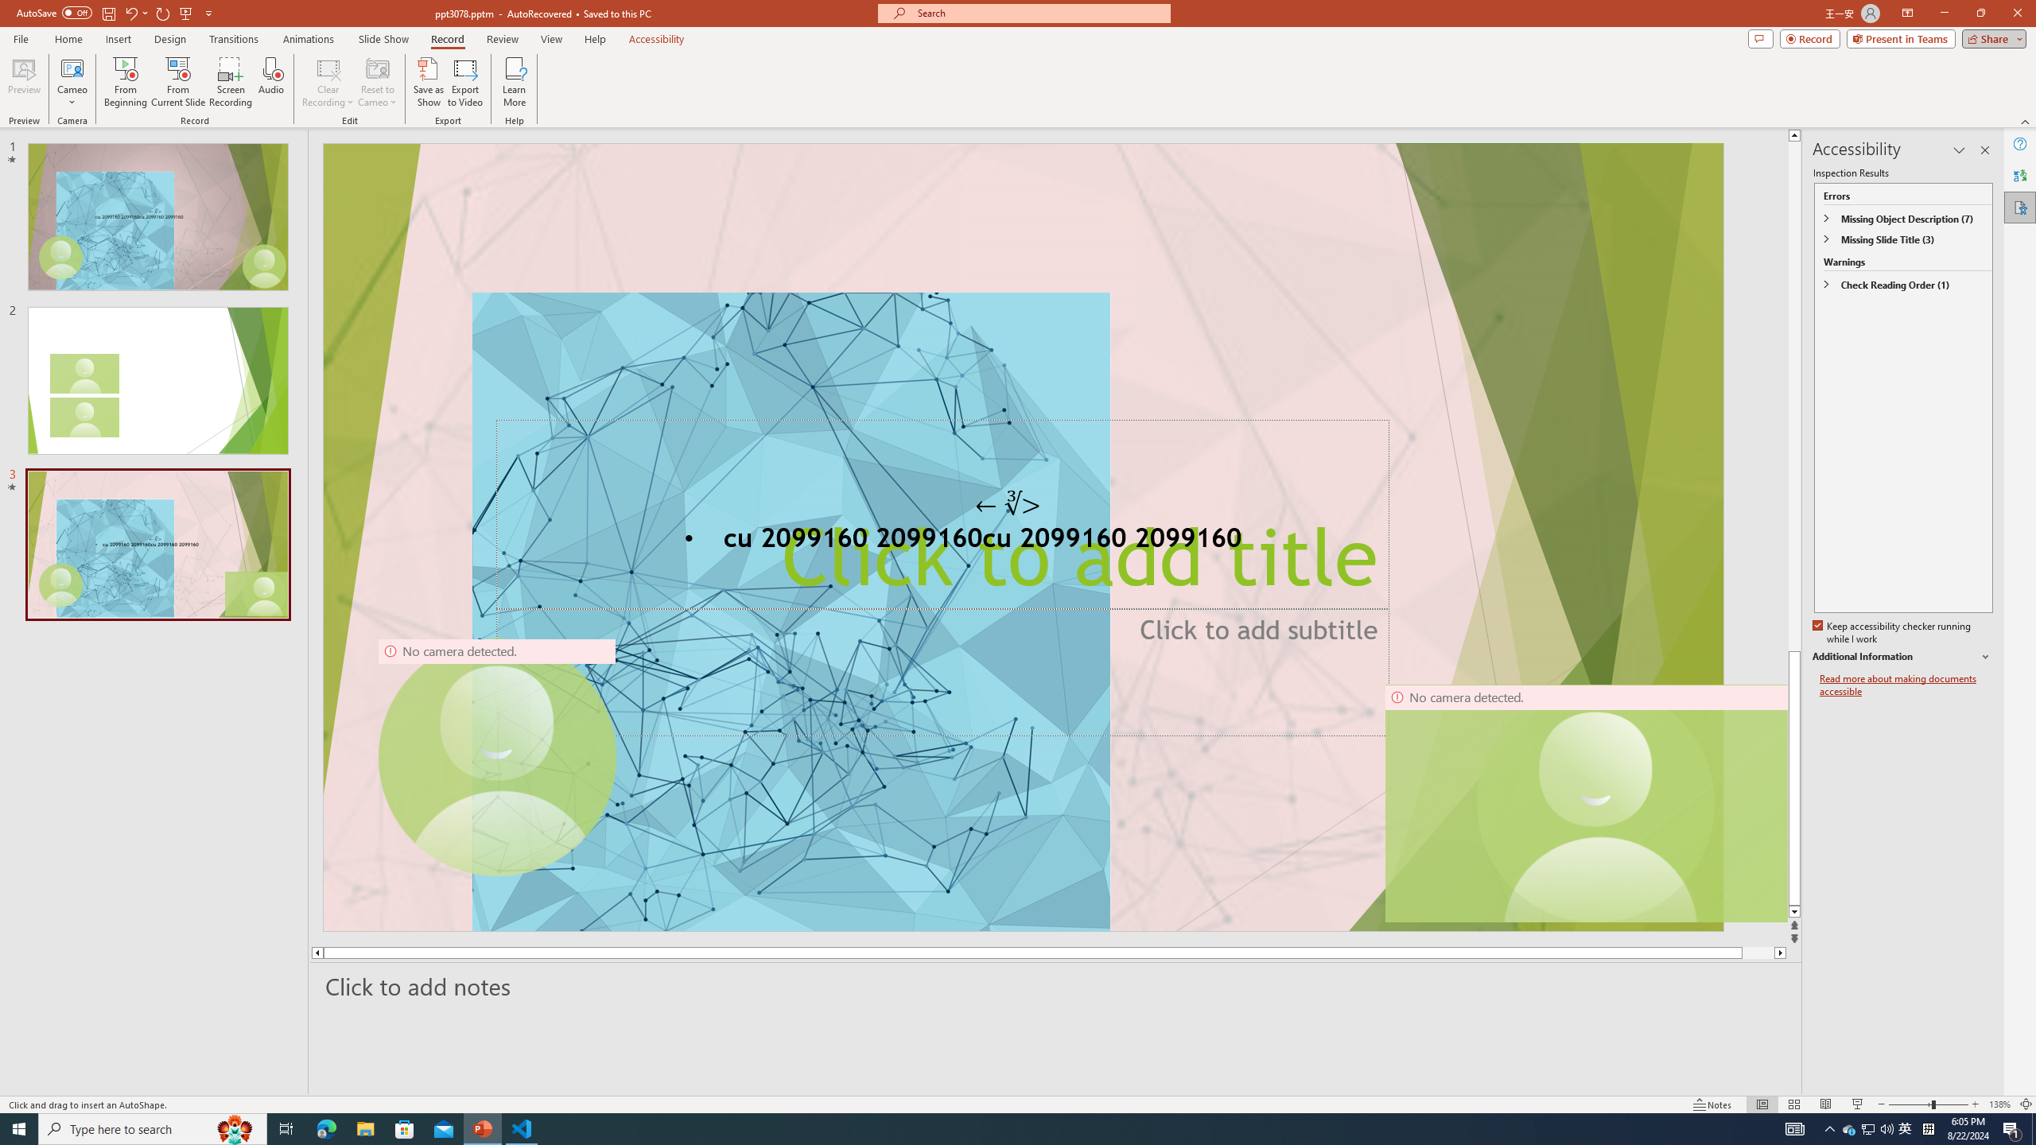 This screenshot has width=2036, height=1145. What do you see at coordinates (124, 82) in the screenshot?
I see `'From Beginning...'` at bounding box center [124, 82].